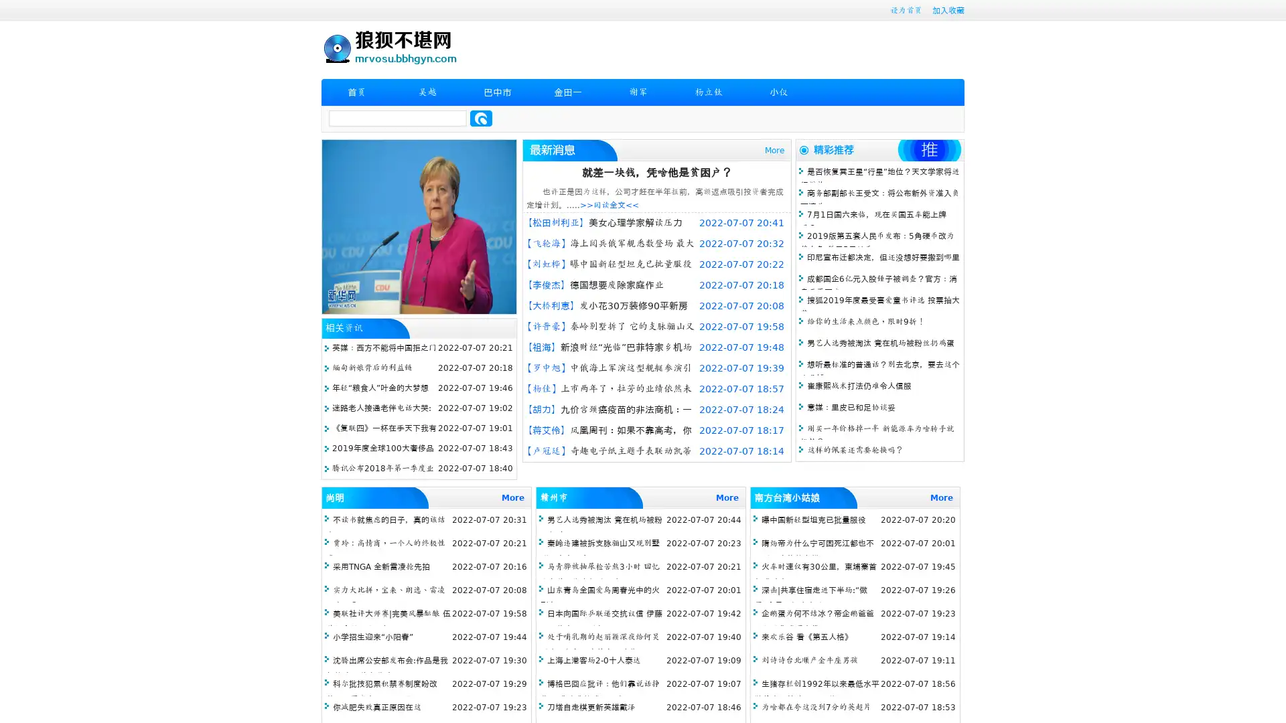 This screenshot has height=723, width=1286. What do you see at coordinates (481, 118) in the screenshot?
I see `Search` at bounding box center [481, 118].